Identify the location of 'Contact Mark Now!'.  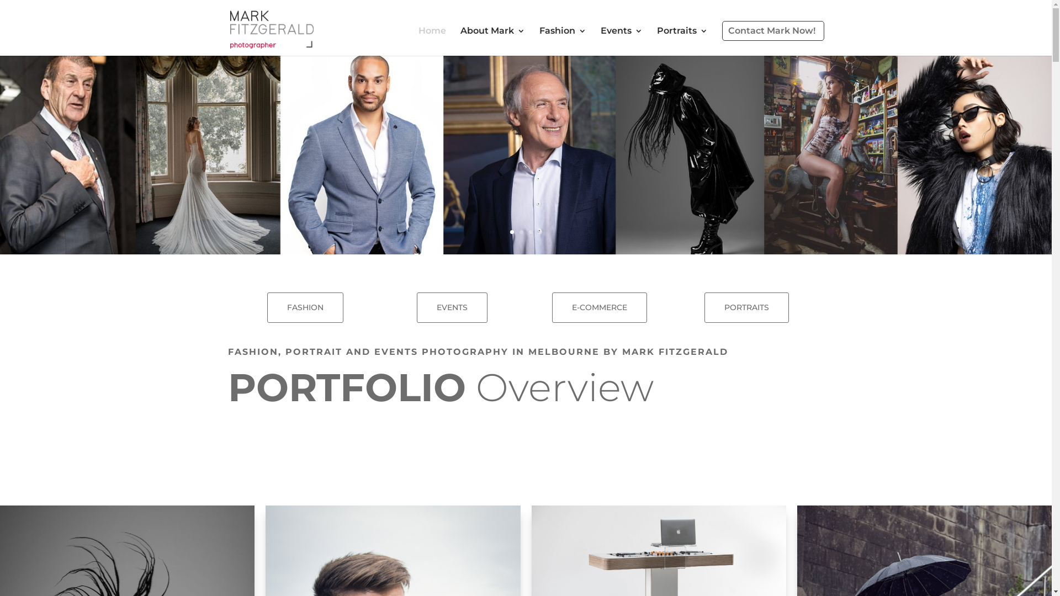
(772, 30).